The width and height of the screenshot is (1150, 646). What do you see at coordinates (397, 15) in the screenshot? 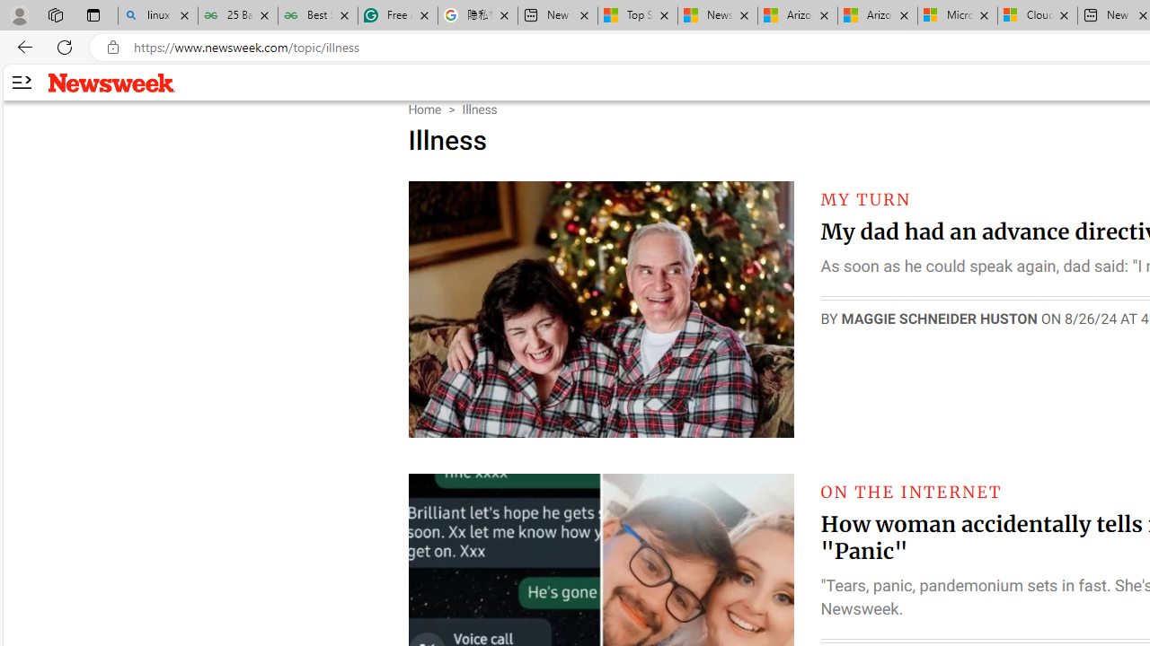
I see `'Free AI Writing Assistance for Students | Grammarly'` at bounding box center [397, 15].